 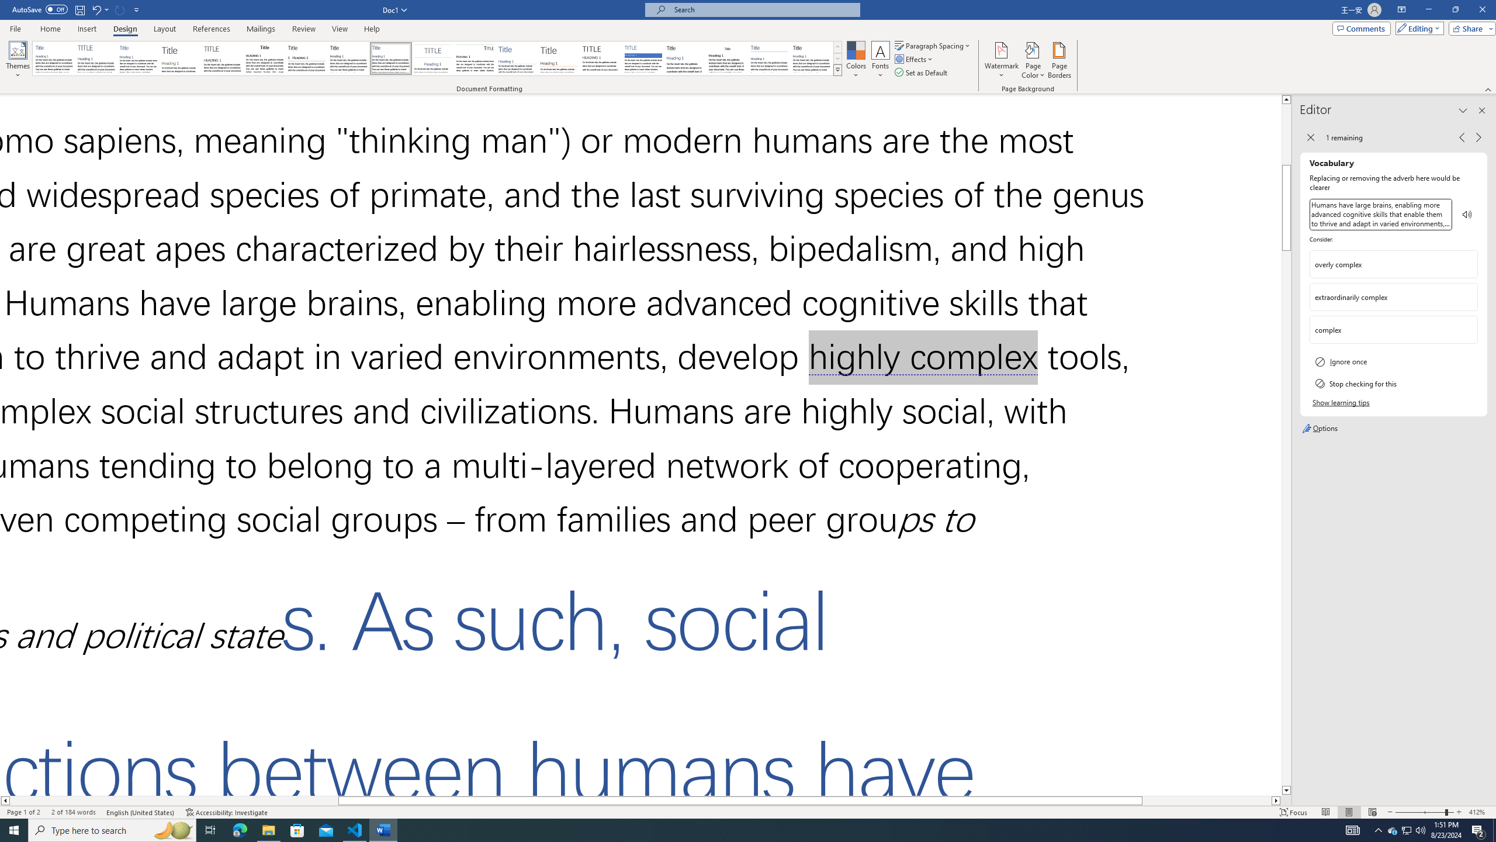 What do you see at coordinates (306, 58) in the screenshot?
I see `'Black & White (Numbered)'` at bounding box center [306, 58].